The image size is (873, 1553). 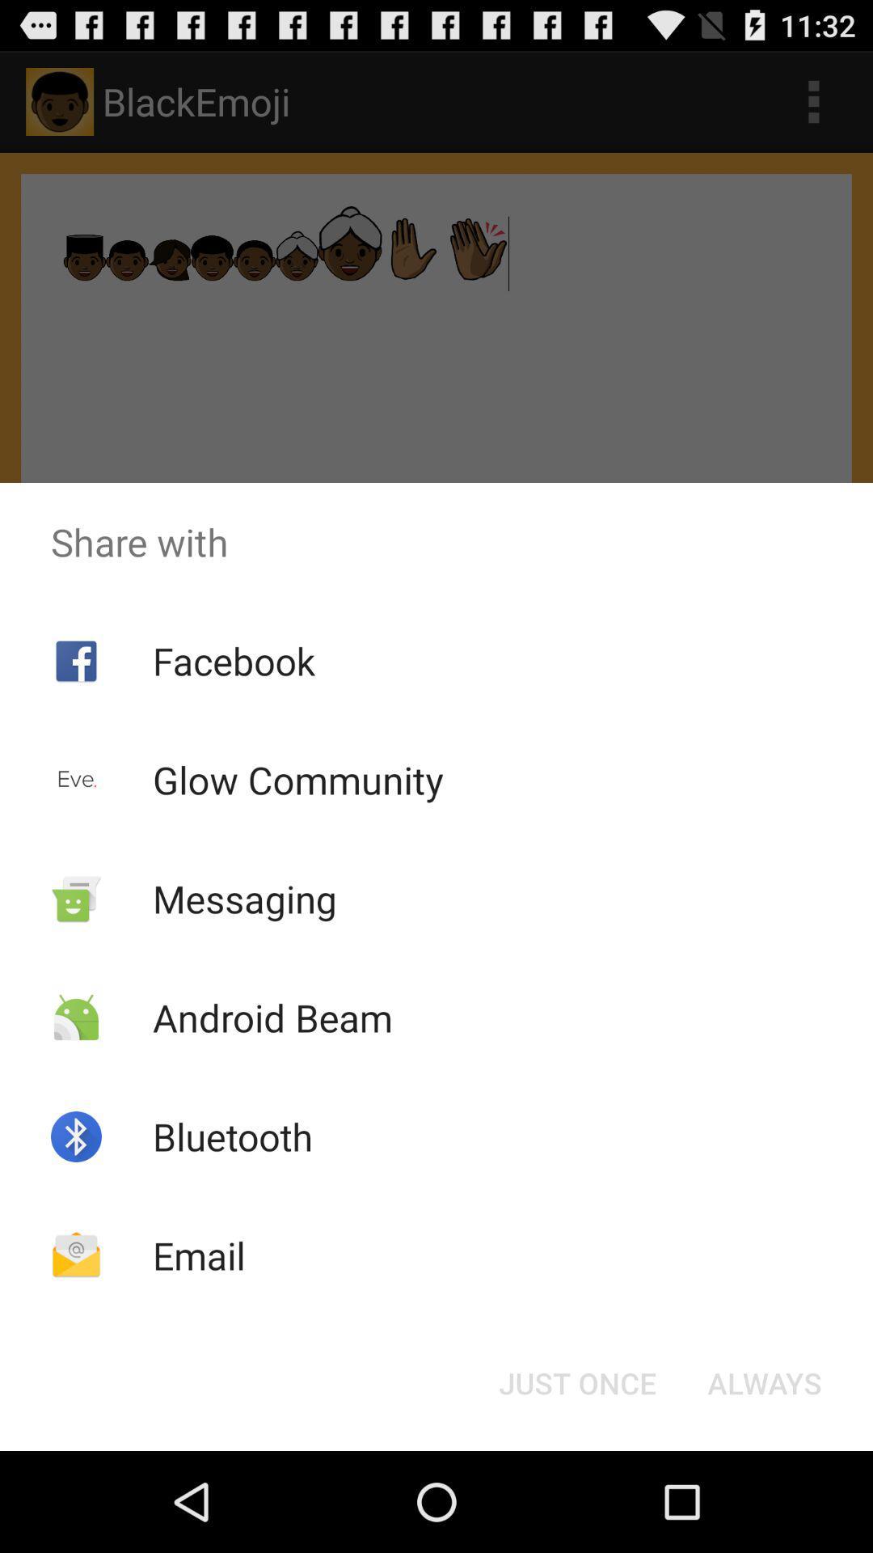 What do you see at coordinates (234, 661) in the screenshot?
I see `item below the share with app` at bounding box center [234, 661].